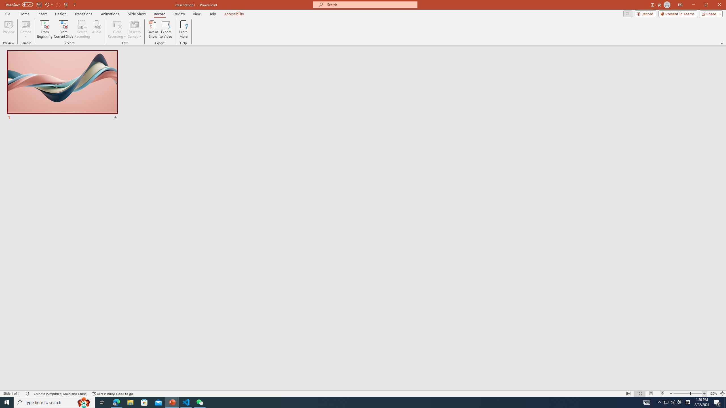 The width and height of the screenshot is (726, 408). I want to click on 'Zoom 120%', so click(713, 394).